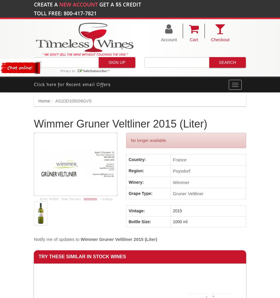 Image resolution: width=280 pixels, height=298 pixels. What do you see at coordinates (88, 84) in the screenshot?
I see `'Recent email Offers'` at bounding box center [88, 84].